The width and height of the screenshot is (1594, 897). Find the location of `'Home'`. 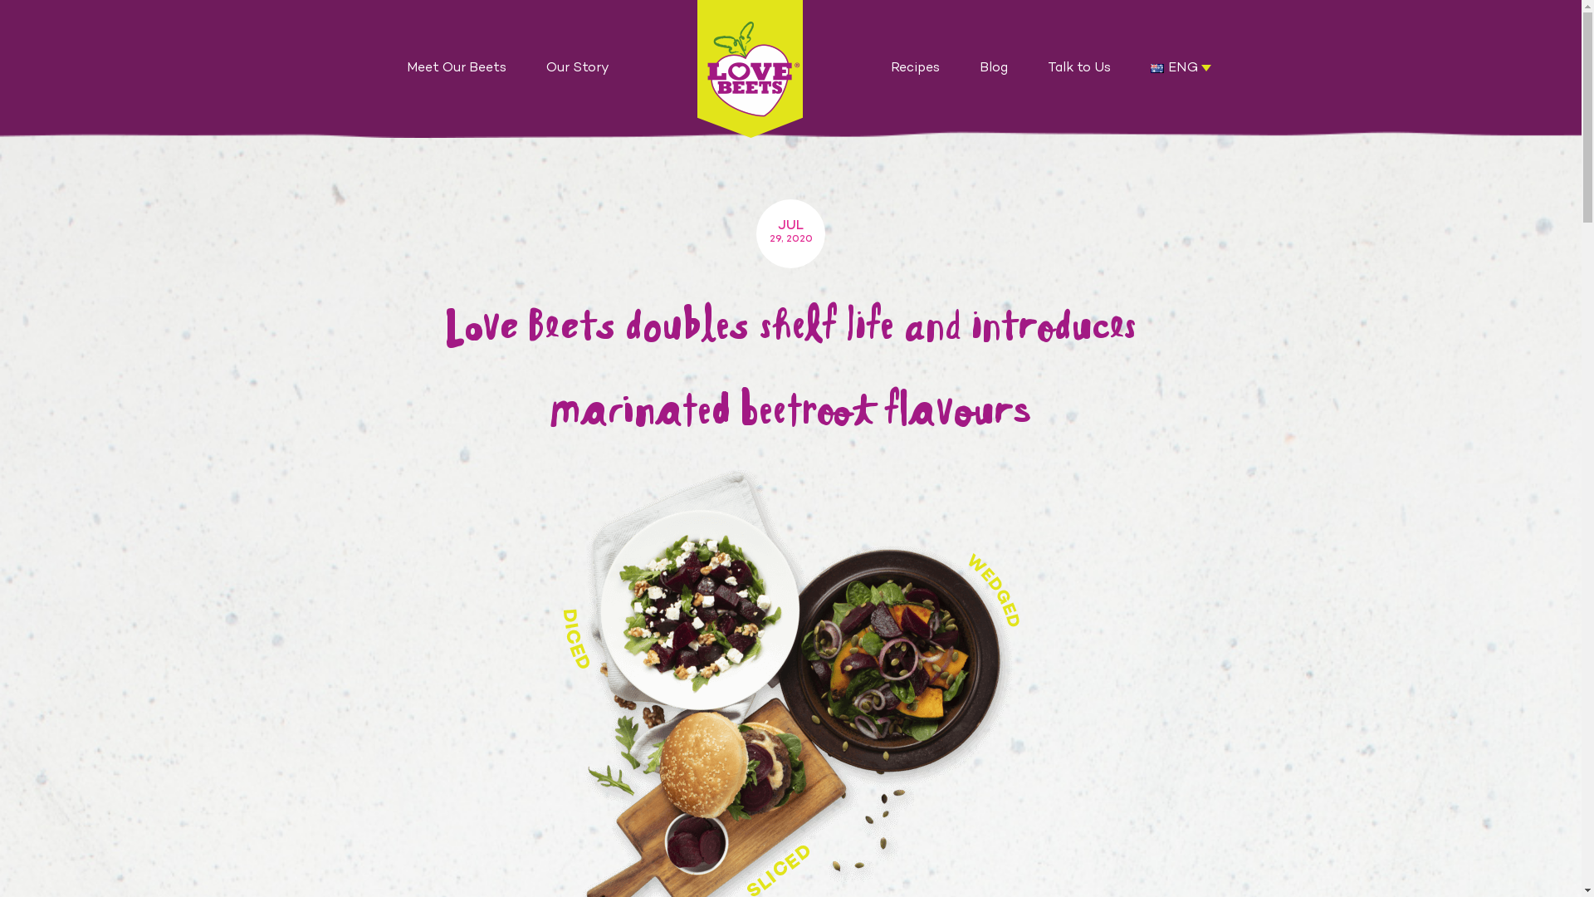

'Home' is located at coordinates (749, 68).